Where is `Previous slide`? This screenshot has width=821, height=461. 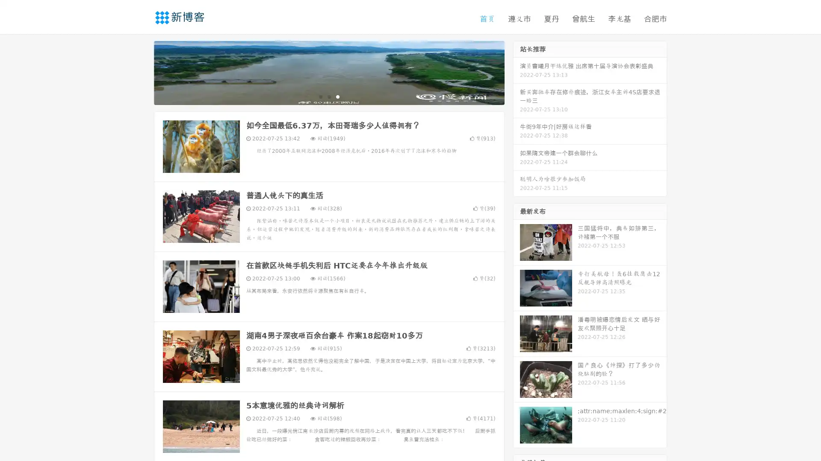
Previous slide is located at coordinates (141, 72).